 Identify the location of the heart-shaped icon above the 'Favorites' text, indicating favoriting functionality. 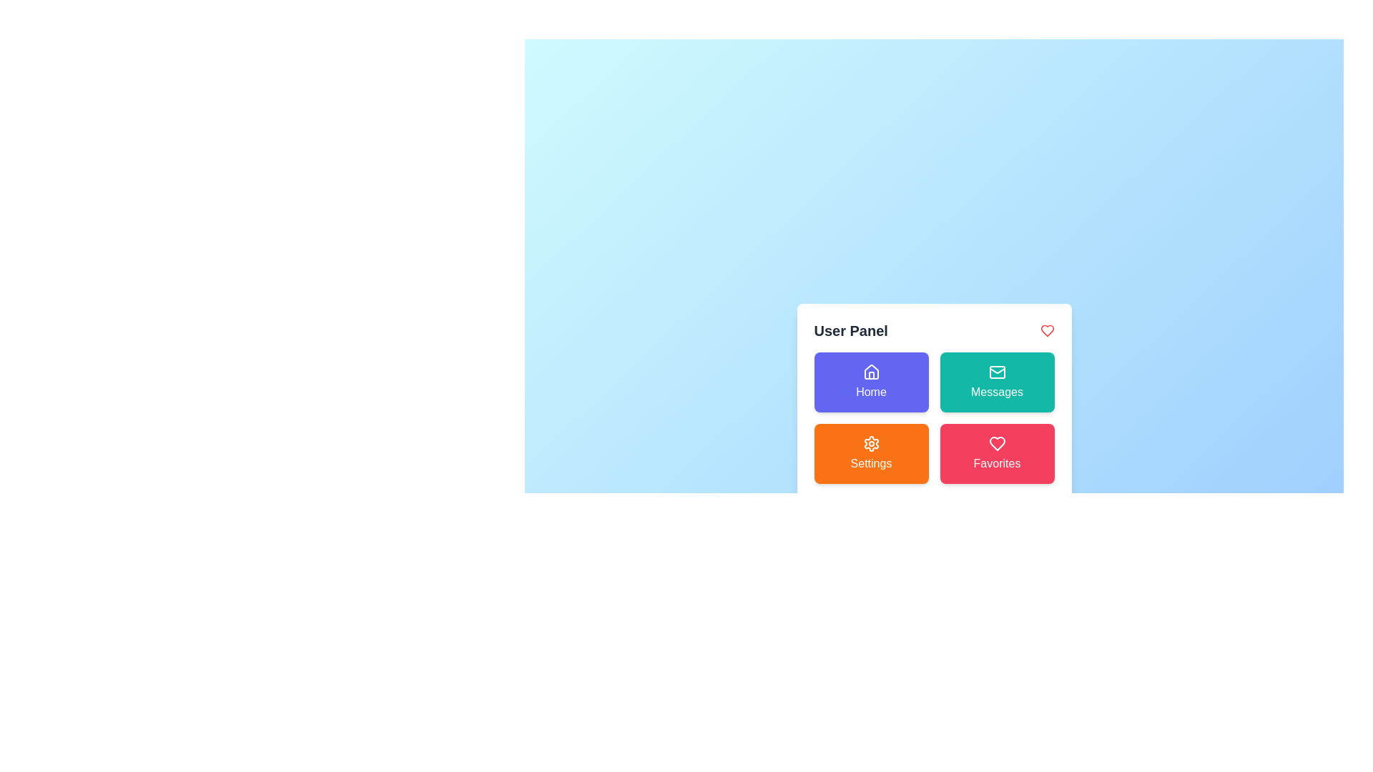
(996, 443).